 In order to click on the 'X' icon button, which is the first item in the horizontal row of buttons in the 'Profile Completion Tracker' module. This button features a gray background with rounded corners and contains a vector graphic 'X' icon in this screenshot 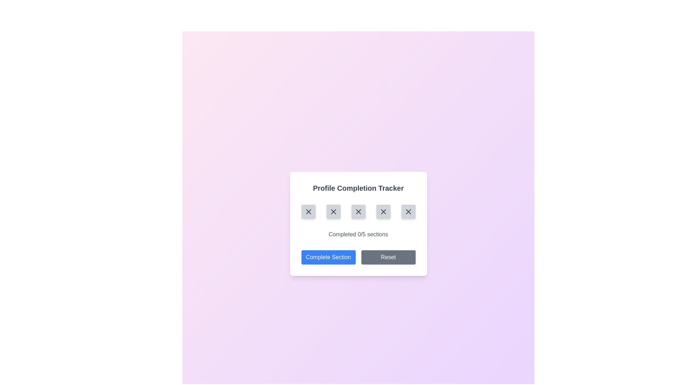, I will do `click(308, 211)`.